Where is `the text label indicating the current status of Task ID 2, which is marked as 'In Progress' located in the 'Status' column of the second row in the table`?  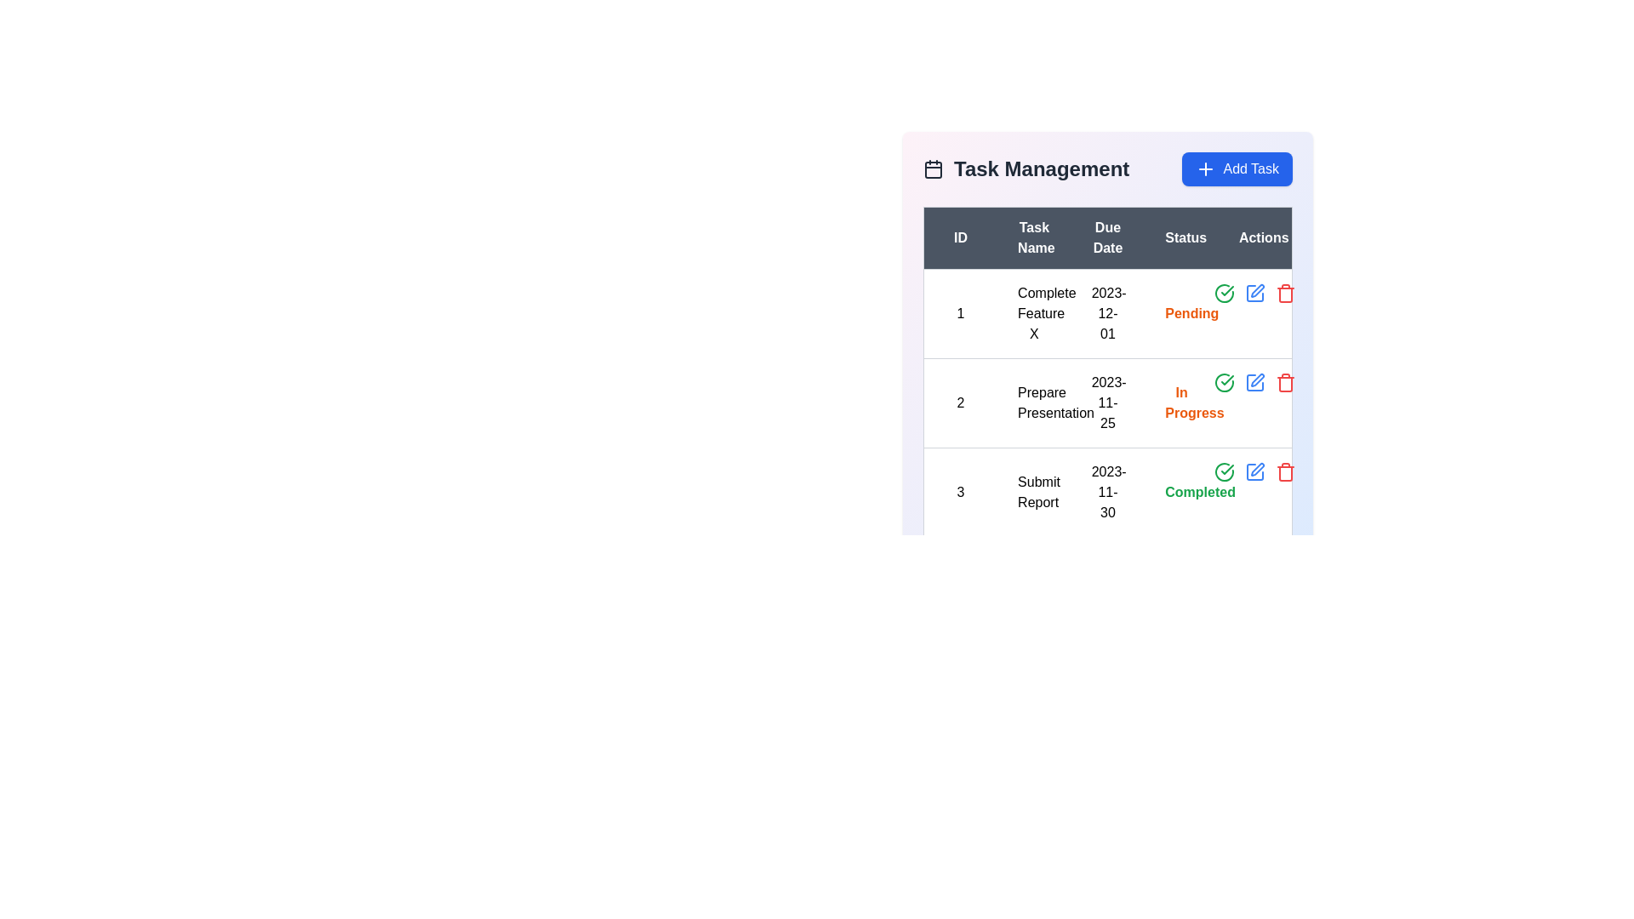 the text label indicating the current status of Task ID 2, which is marked as 'In Progress' located in the 'Status' column of the second row in the table is located at coordinates (1193, 402).